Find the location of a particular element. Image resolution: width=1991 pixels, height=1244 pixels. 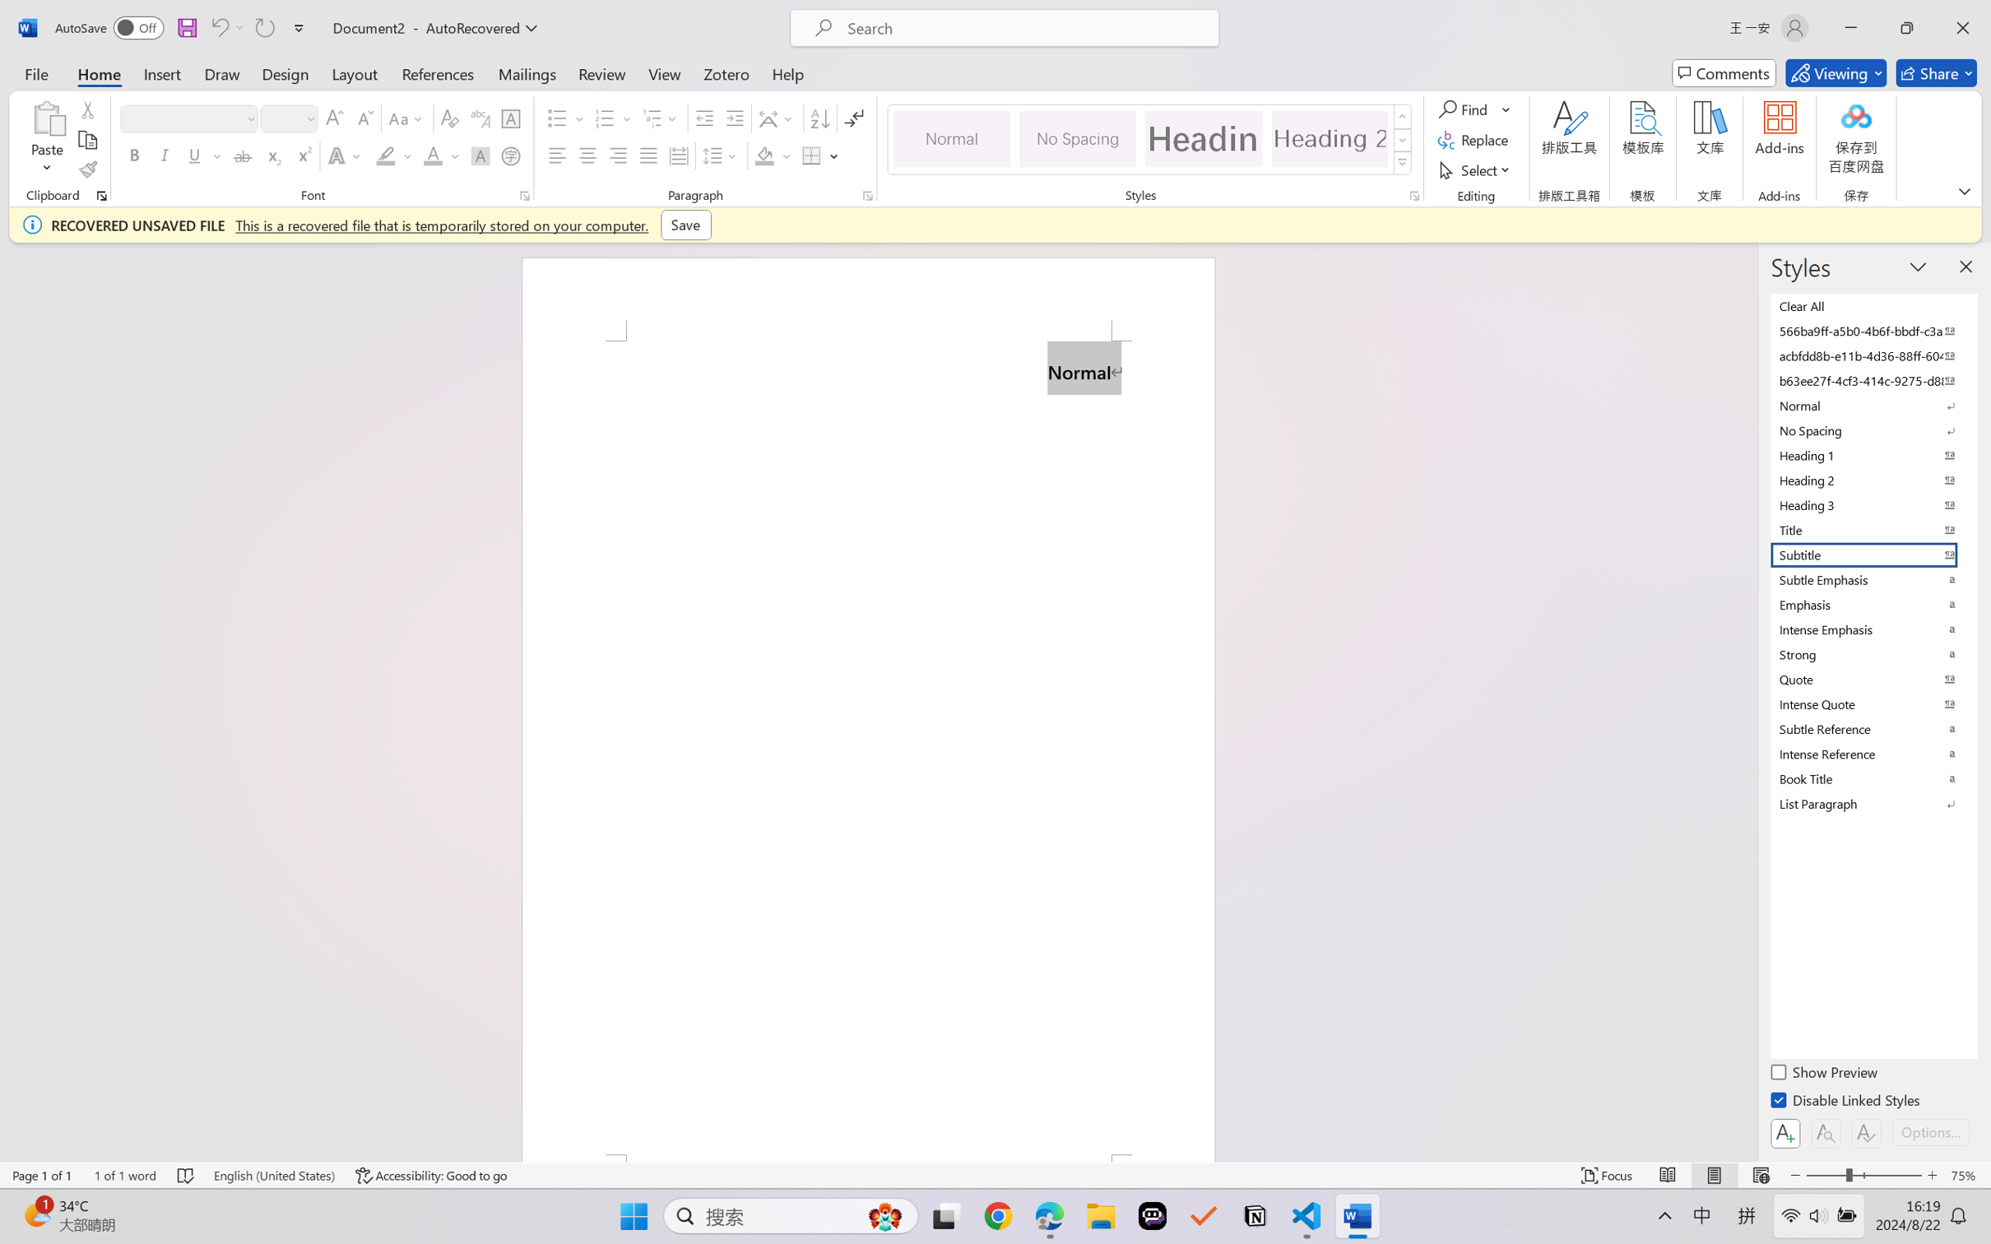

'acbfdd8b-e11b-4d36-88ff-6049b138f862' is located at coordinates (1872, 355).